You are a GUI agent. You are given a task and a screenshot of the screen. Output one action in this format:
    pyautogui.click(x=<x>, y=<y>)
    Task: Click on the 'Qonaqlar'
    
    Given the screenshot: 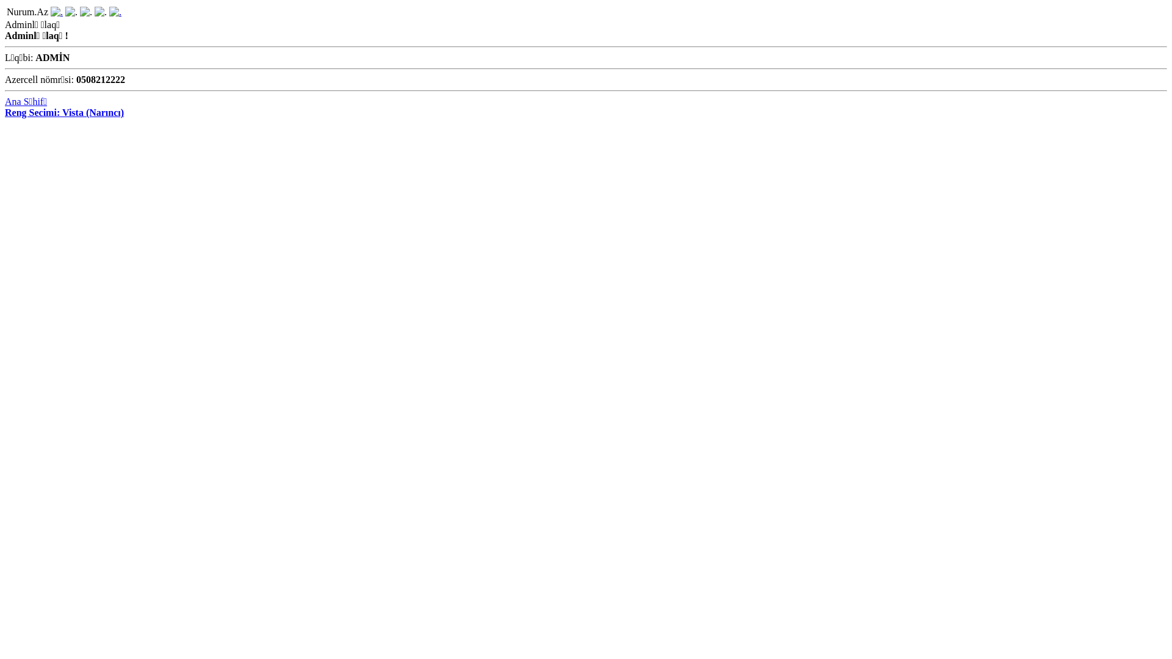 What is the action you would take?
    pyautogui.click(x=100, y=12)
    